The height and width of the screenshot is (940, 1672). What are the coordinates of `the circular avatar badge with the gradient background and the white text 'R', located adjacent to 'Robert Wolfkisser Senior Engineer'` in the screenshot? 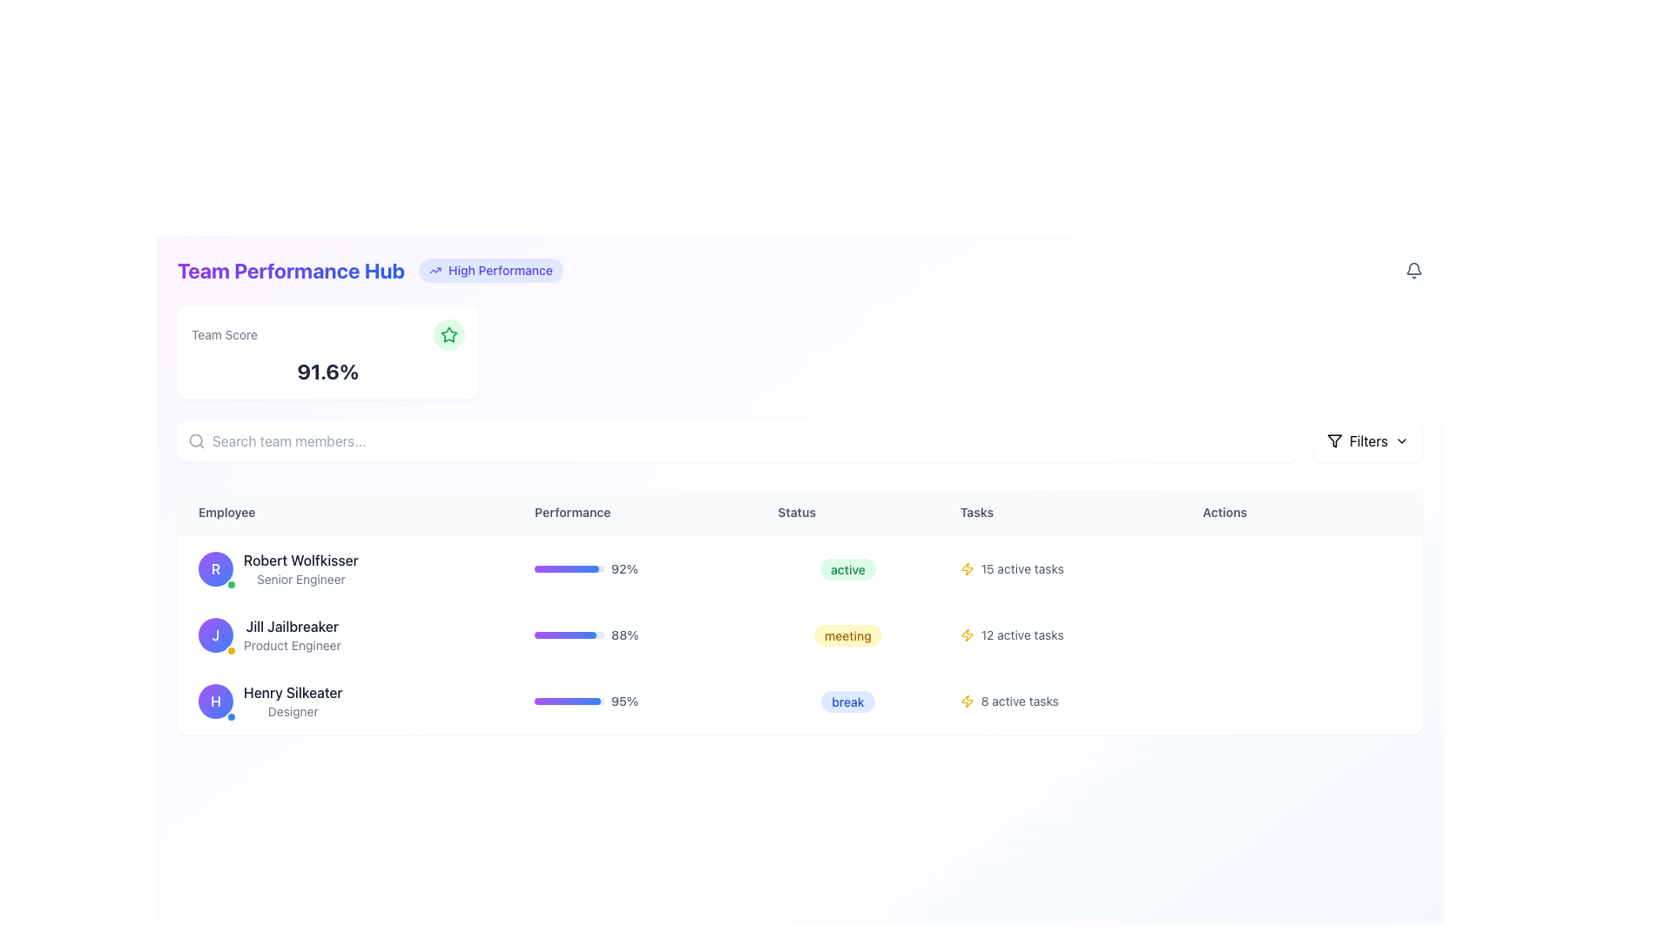 It's located at (215, 569).